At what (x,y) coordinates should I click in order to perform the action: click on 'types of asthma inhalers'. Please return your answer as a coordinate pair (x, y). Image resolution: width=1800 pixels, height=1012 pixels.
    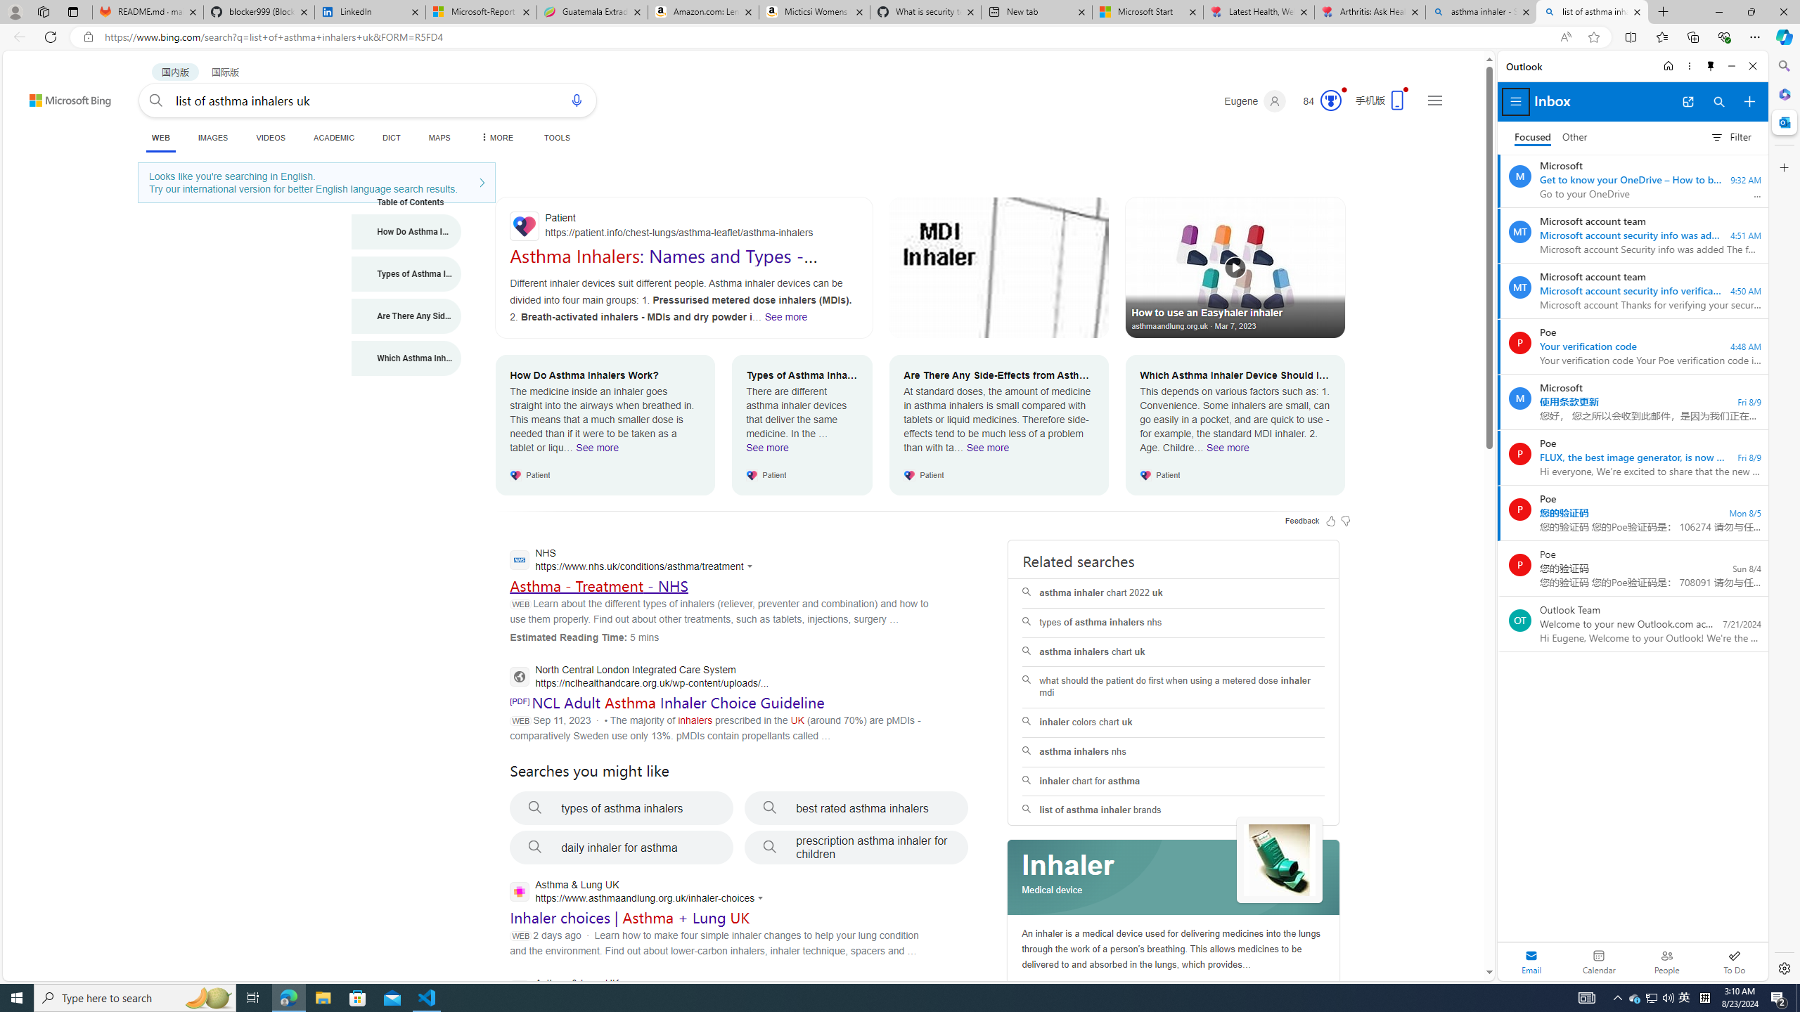
    Looking at the image, I should click on (622, 807).